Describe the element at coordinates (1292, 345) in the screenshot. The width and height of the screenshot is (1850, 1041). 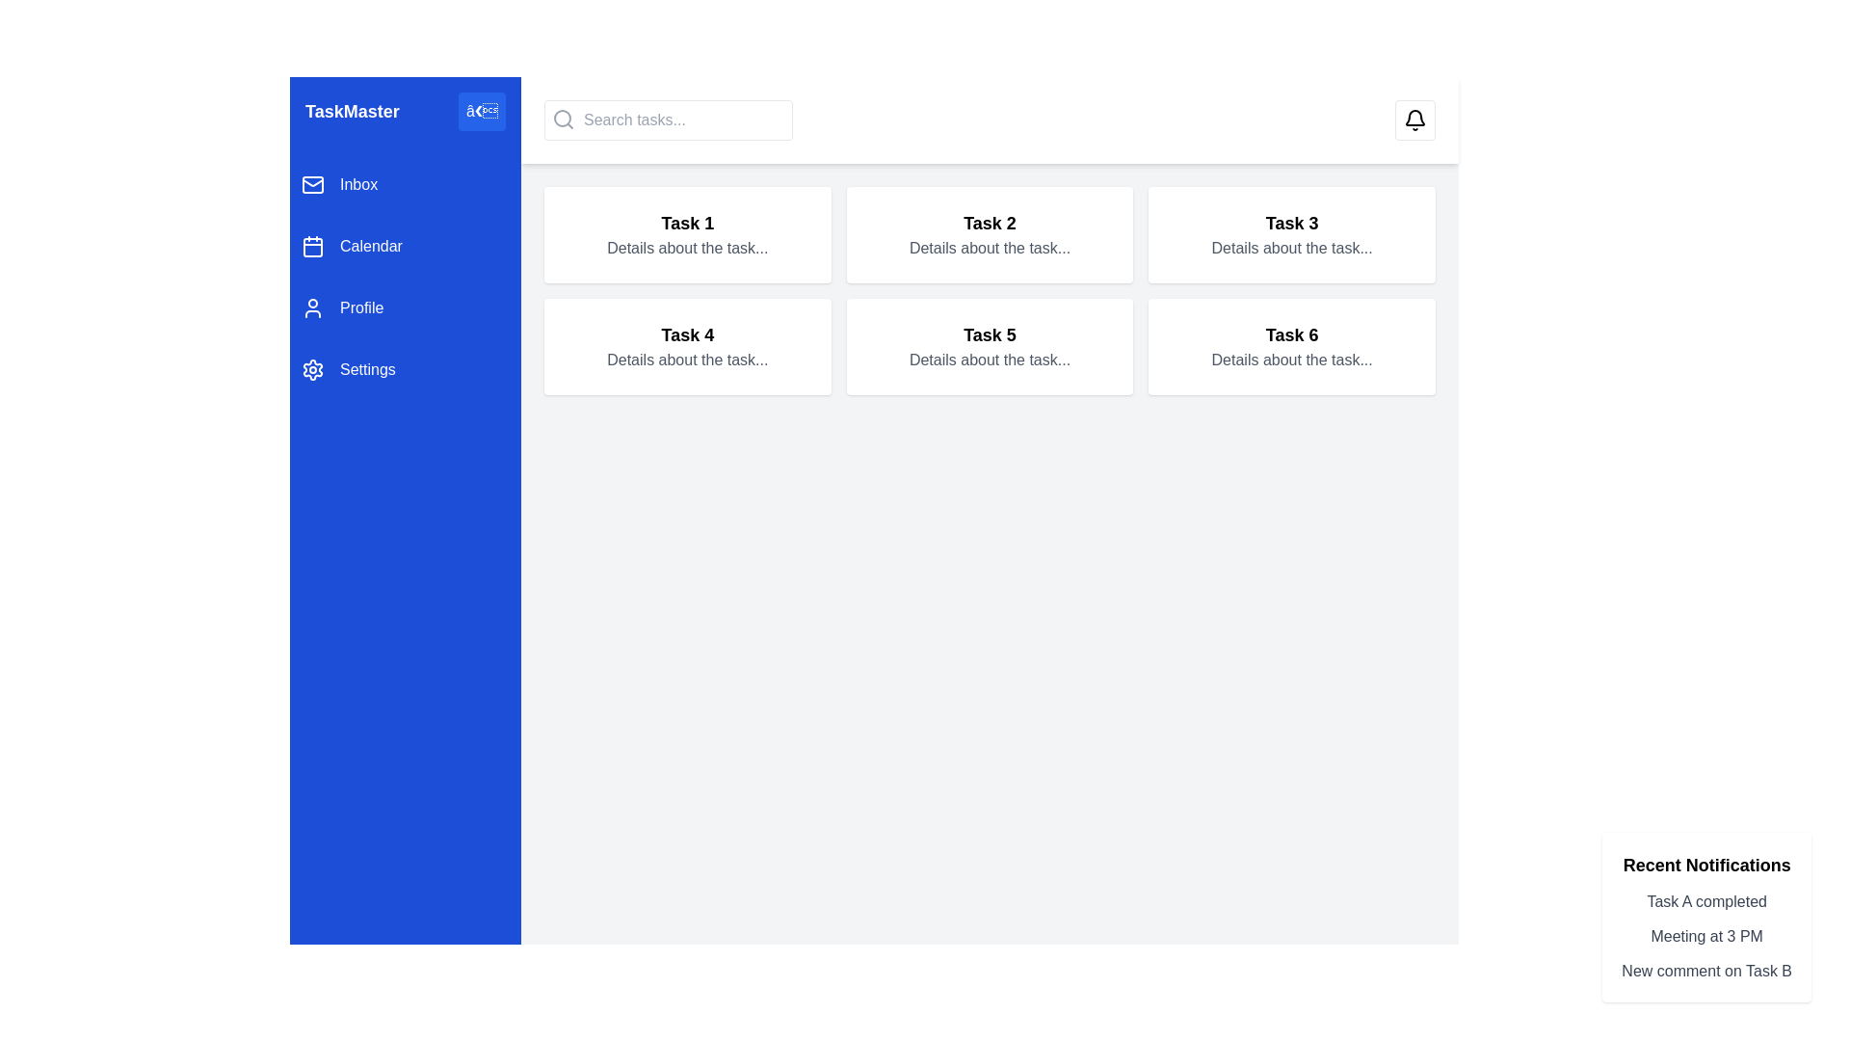
I see `the static informational card displaying 'Task 6' and its details in the bottom-right position of the grid layout` at that location.